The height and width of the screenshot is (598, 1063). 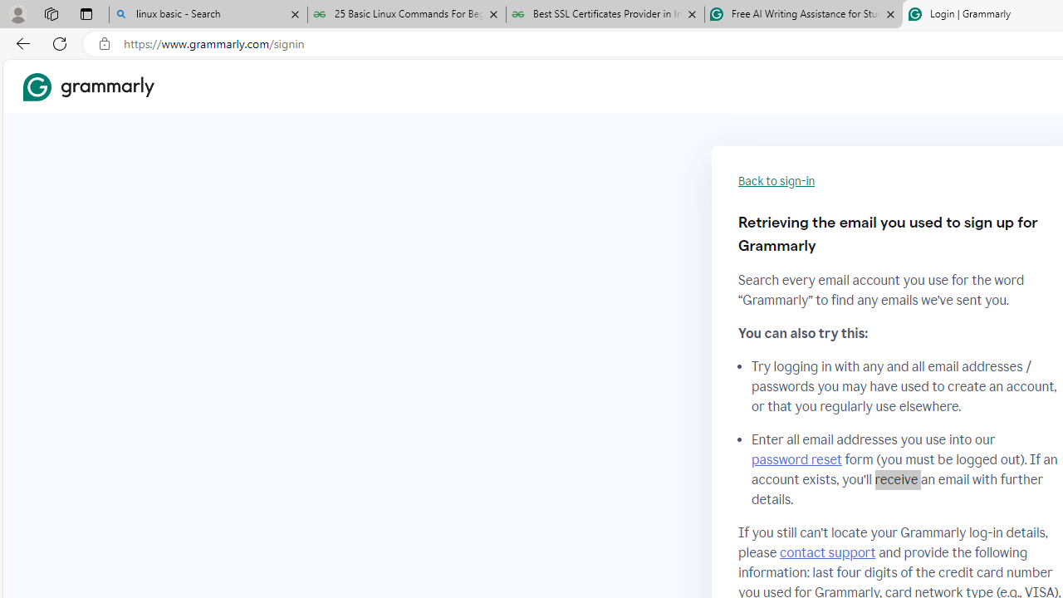 What do you see at coordinates (605, 14) in the screenshot?
I see `'Best SSL Certificates Provider in India - GeeksforGeeks'` at bounding box center [605, 14].